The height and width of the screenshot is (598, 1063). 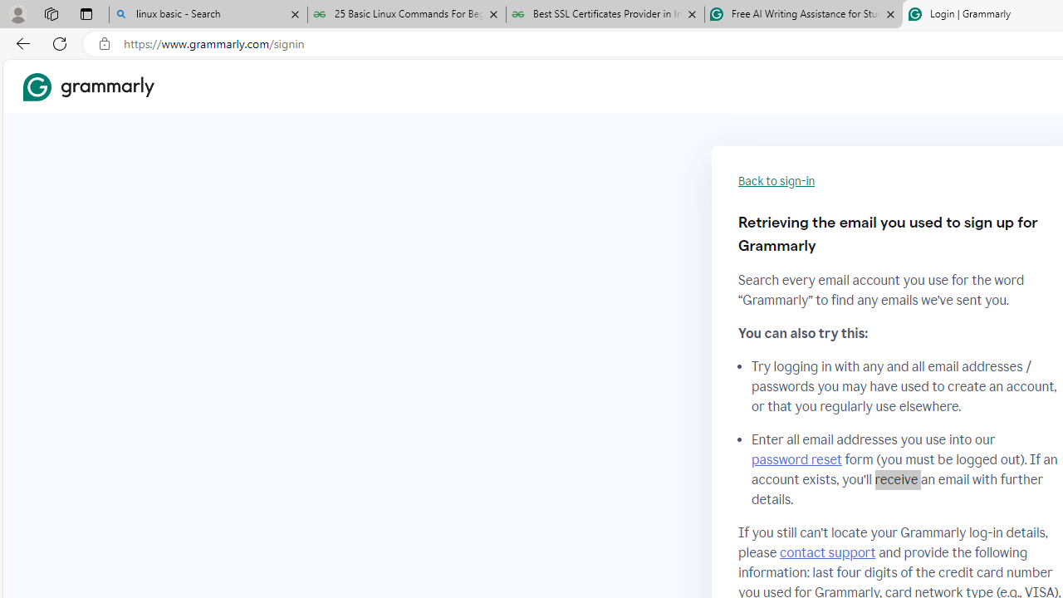 What do you see at coordinates (605, 14) in the screenshot?
I see `'Best SSL Certificates Provider in India - GeeksforGeeks'` at bounding box center [605, 14].